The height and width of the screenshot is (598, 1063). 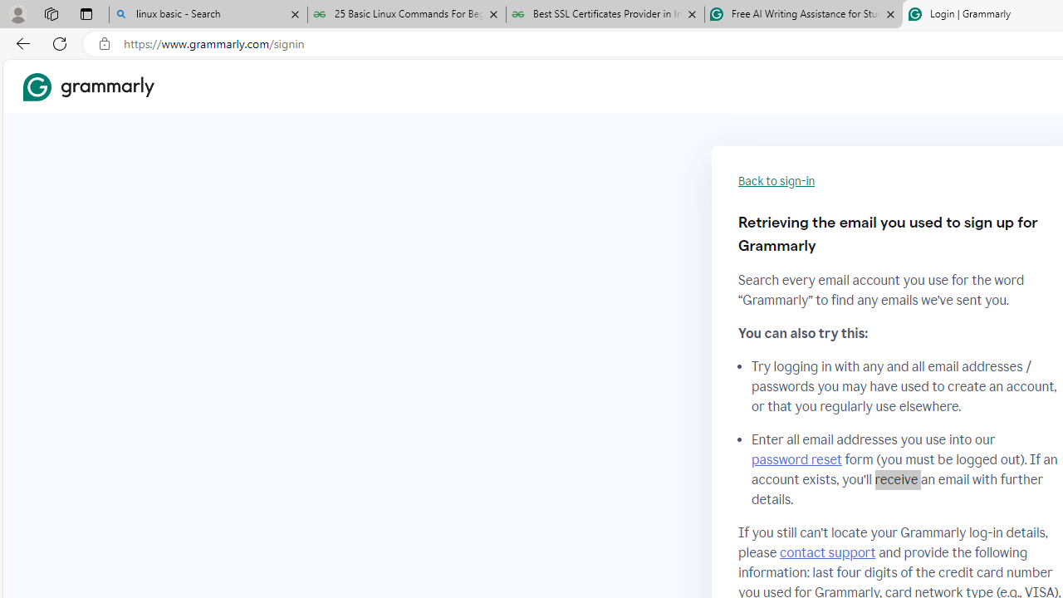 What do you see at coordinates (605, 14) in the screenshot?
I see `'Best SSL Certificates Provider in India - GeeksforGeeks'` at bounding box center [605, 14].